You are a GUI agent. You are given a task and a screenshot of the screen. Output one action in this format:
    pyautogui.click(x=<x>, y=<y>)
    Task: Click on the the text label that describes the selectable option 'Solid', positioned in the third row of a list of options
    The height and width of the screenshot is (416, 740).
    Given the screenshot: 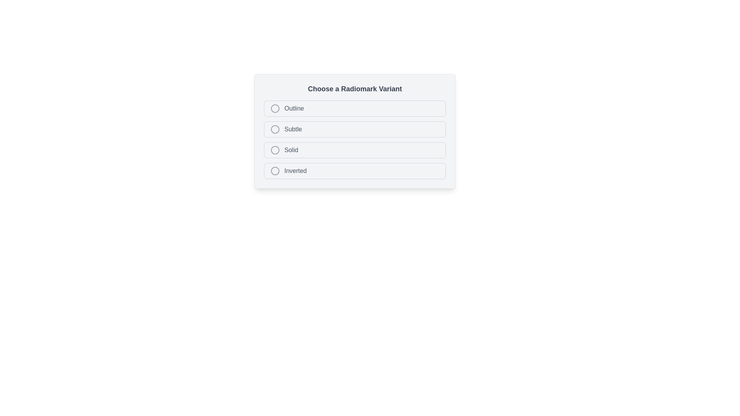 What is the action you would take?
    pyautogui.click(x=291, y=150)
    